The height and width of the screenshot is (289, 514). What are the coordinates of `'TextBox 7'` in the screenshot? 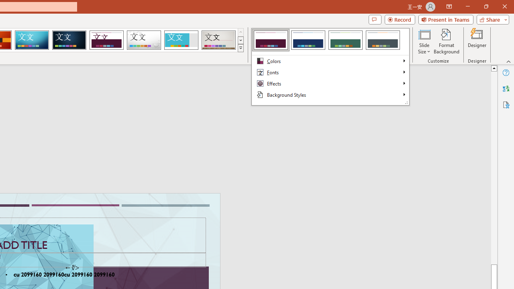 It's located at (72, 268).